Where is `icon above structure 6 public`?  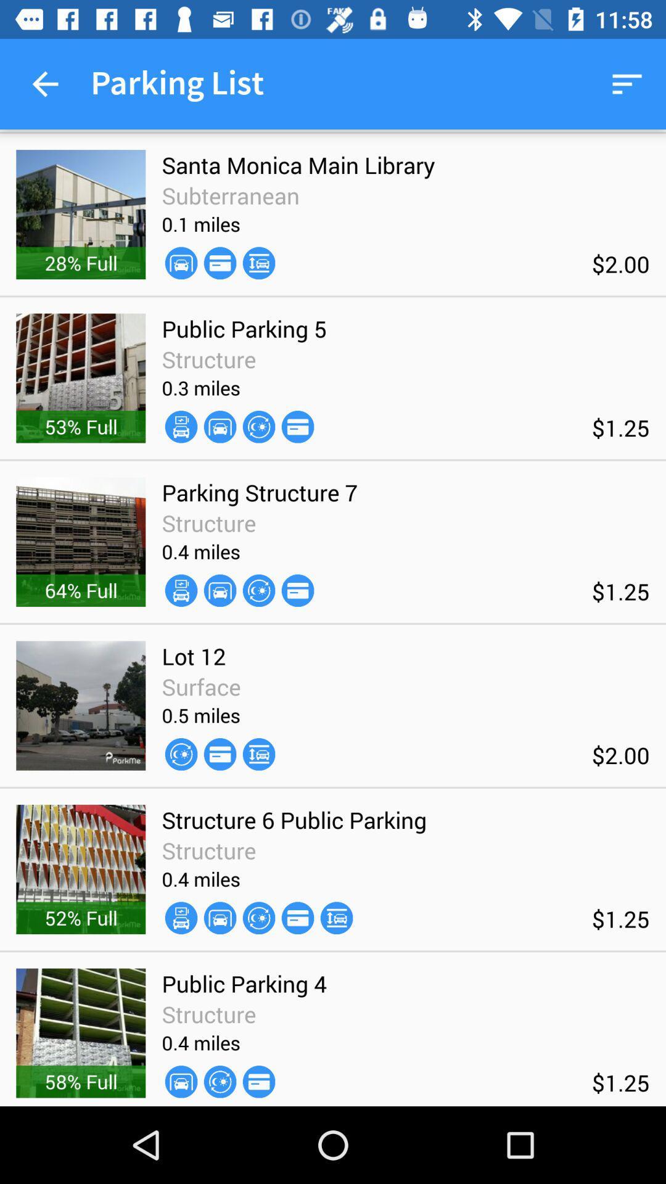
icon above structure 6 public is located at coordinates (258, 754).